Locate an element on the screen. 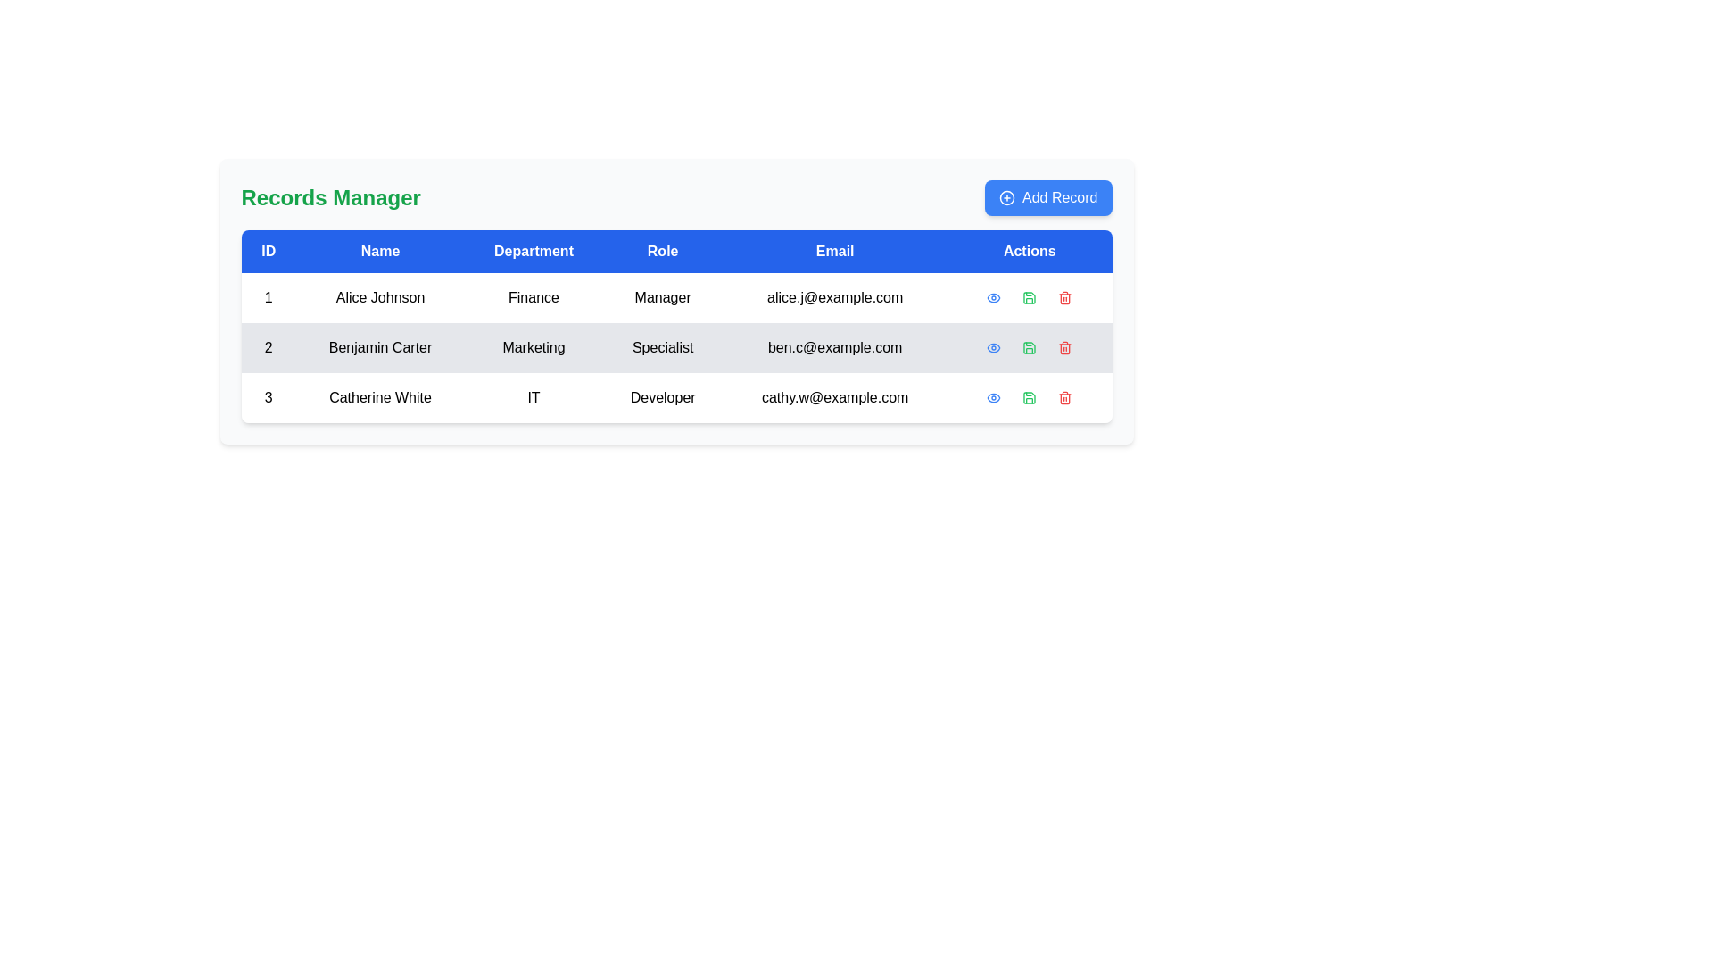  the save icon resembling a floppy disk, which is part of the action button row in the column for actions related to Benjamin Carter is located at coordinates (1030, 297).